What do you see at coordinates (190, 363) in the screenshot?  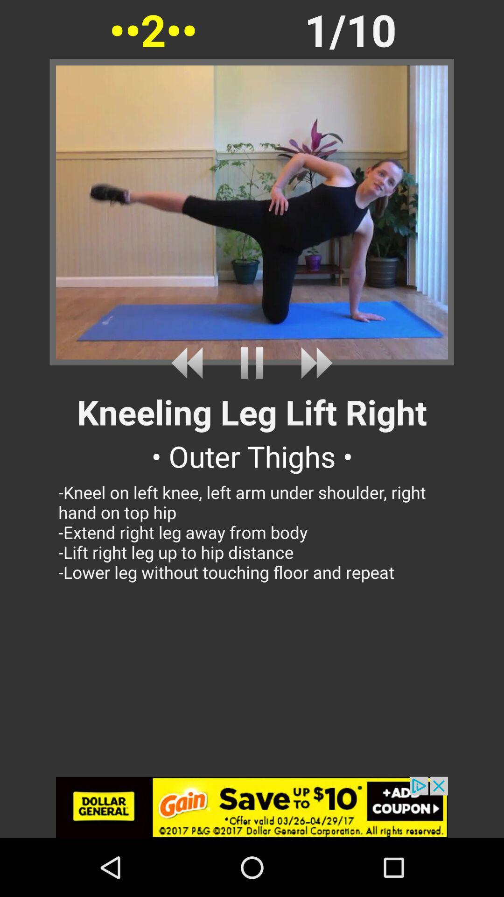 I see `previous` at bounding box center [190, 363].